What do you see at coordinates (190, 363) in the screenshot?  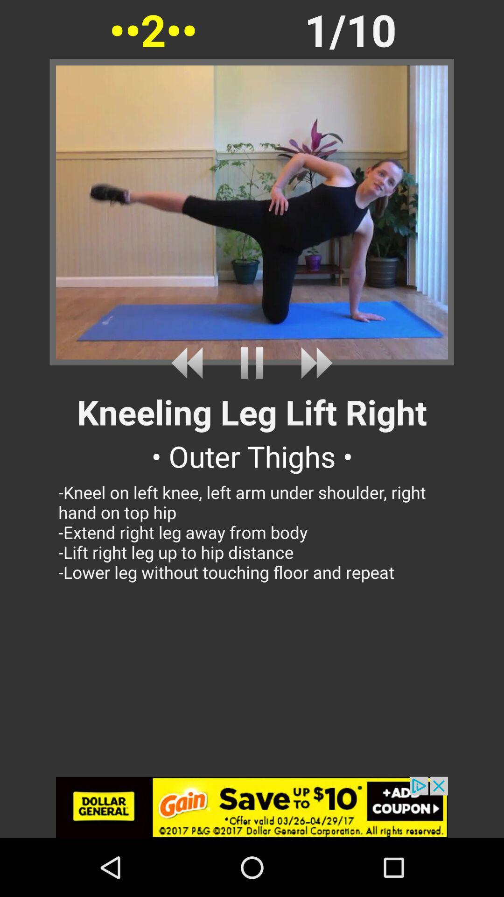 I see `previous` at bounding box center [190, 363].